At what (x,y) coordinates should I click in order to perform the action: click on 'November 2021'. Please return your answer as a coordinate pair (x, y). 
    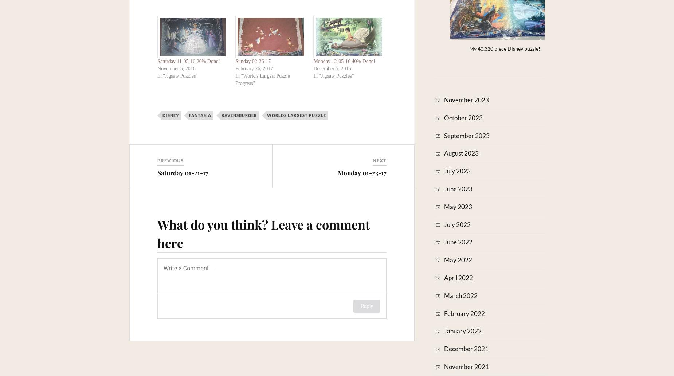
    Looking at the image, I should click on (466, 366).